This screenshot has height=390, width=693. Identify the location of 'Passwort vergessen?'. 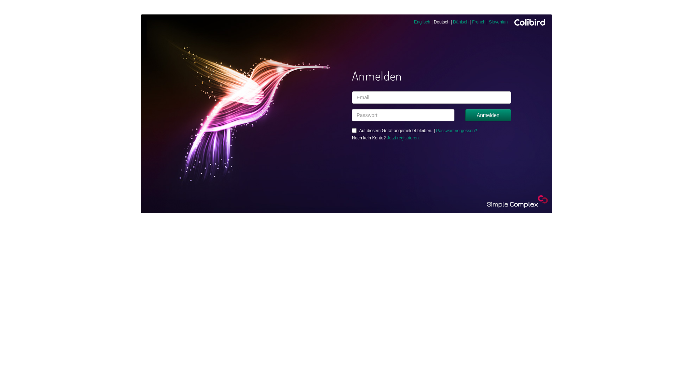
(456, 131).